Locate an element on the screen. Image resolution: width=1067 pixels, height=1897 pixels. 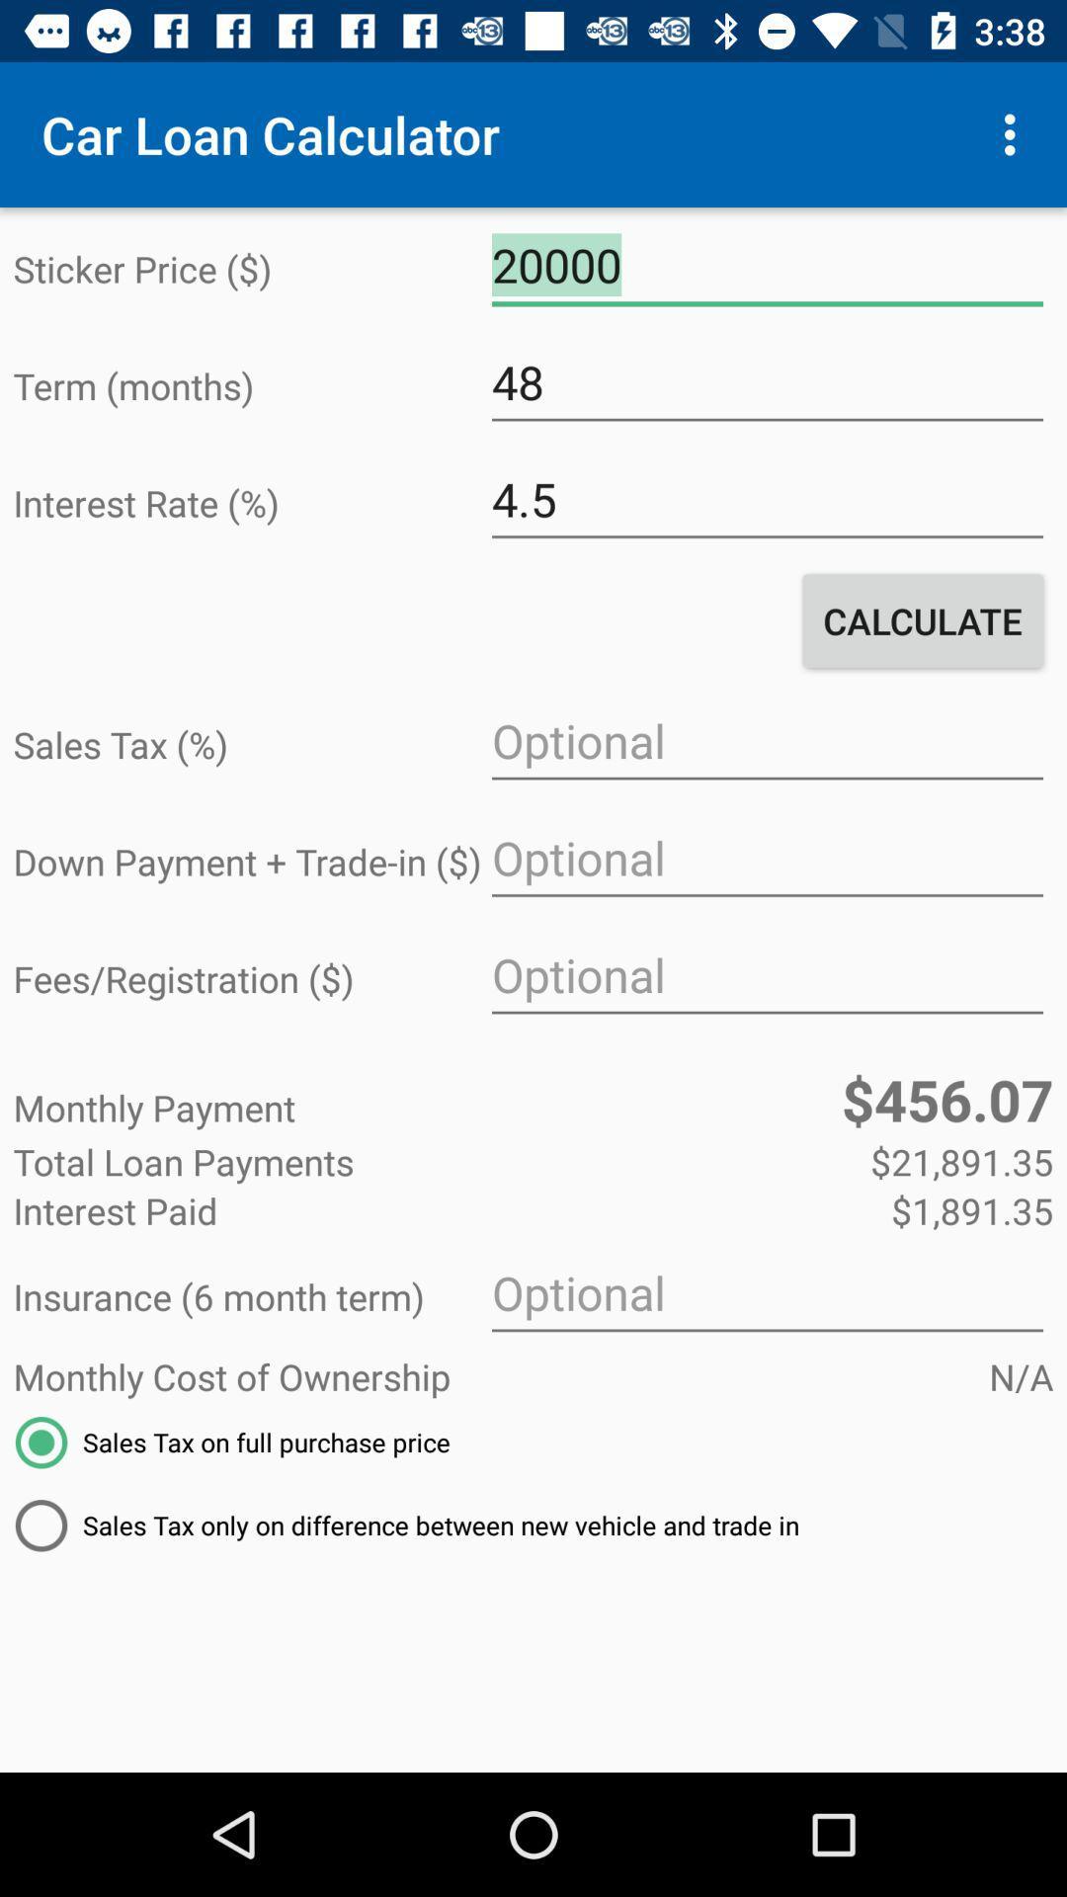
the item below interest paid is located at coordinates (766, 1293).